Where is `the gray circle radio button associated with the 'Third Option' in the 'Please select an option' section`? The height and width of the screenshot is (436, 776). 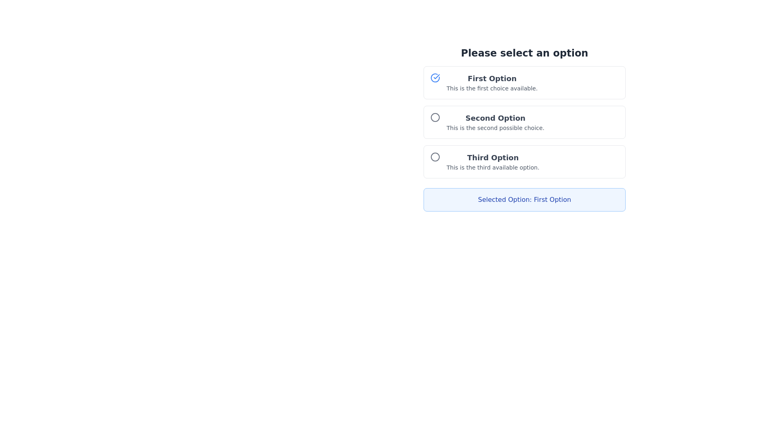
the gray circle radio button associated with the 'Third Option' in the 'Please select an option' section is located at coordinates (434, 157).